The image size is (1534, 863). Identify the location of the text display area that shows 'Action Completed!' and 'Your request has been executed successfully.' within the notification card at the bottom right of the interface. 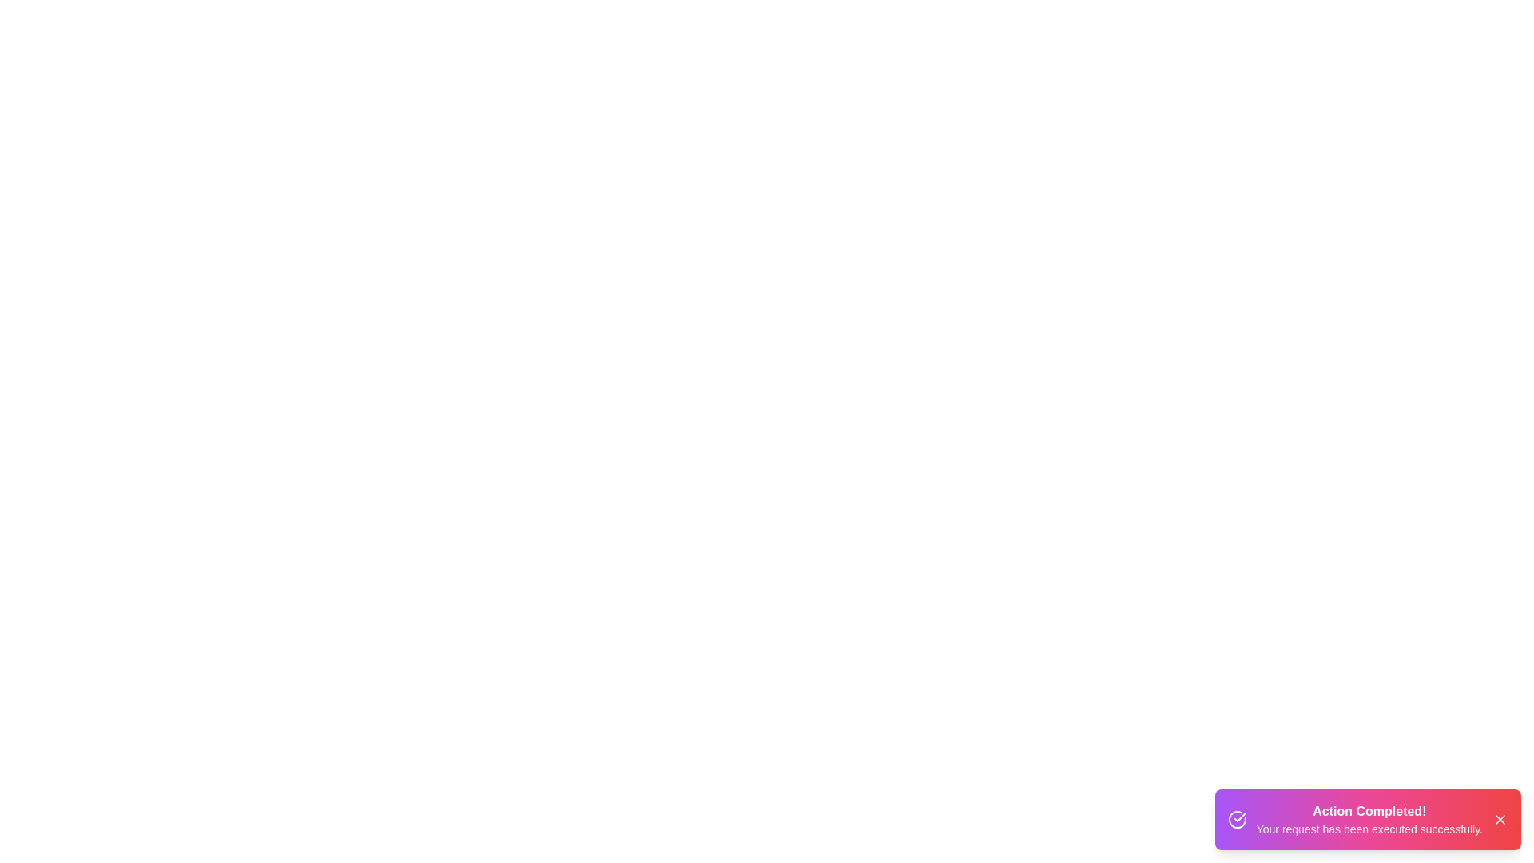
(1369, 820).